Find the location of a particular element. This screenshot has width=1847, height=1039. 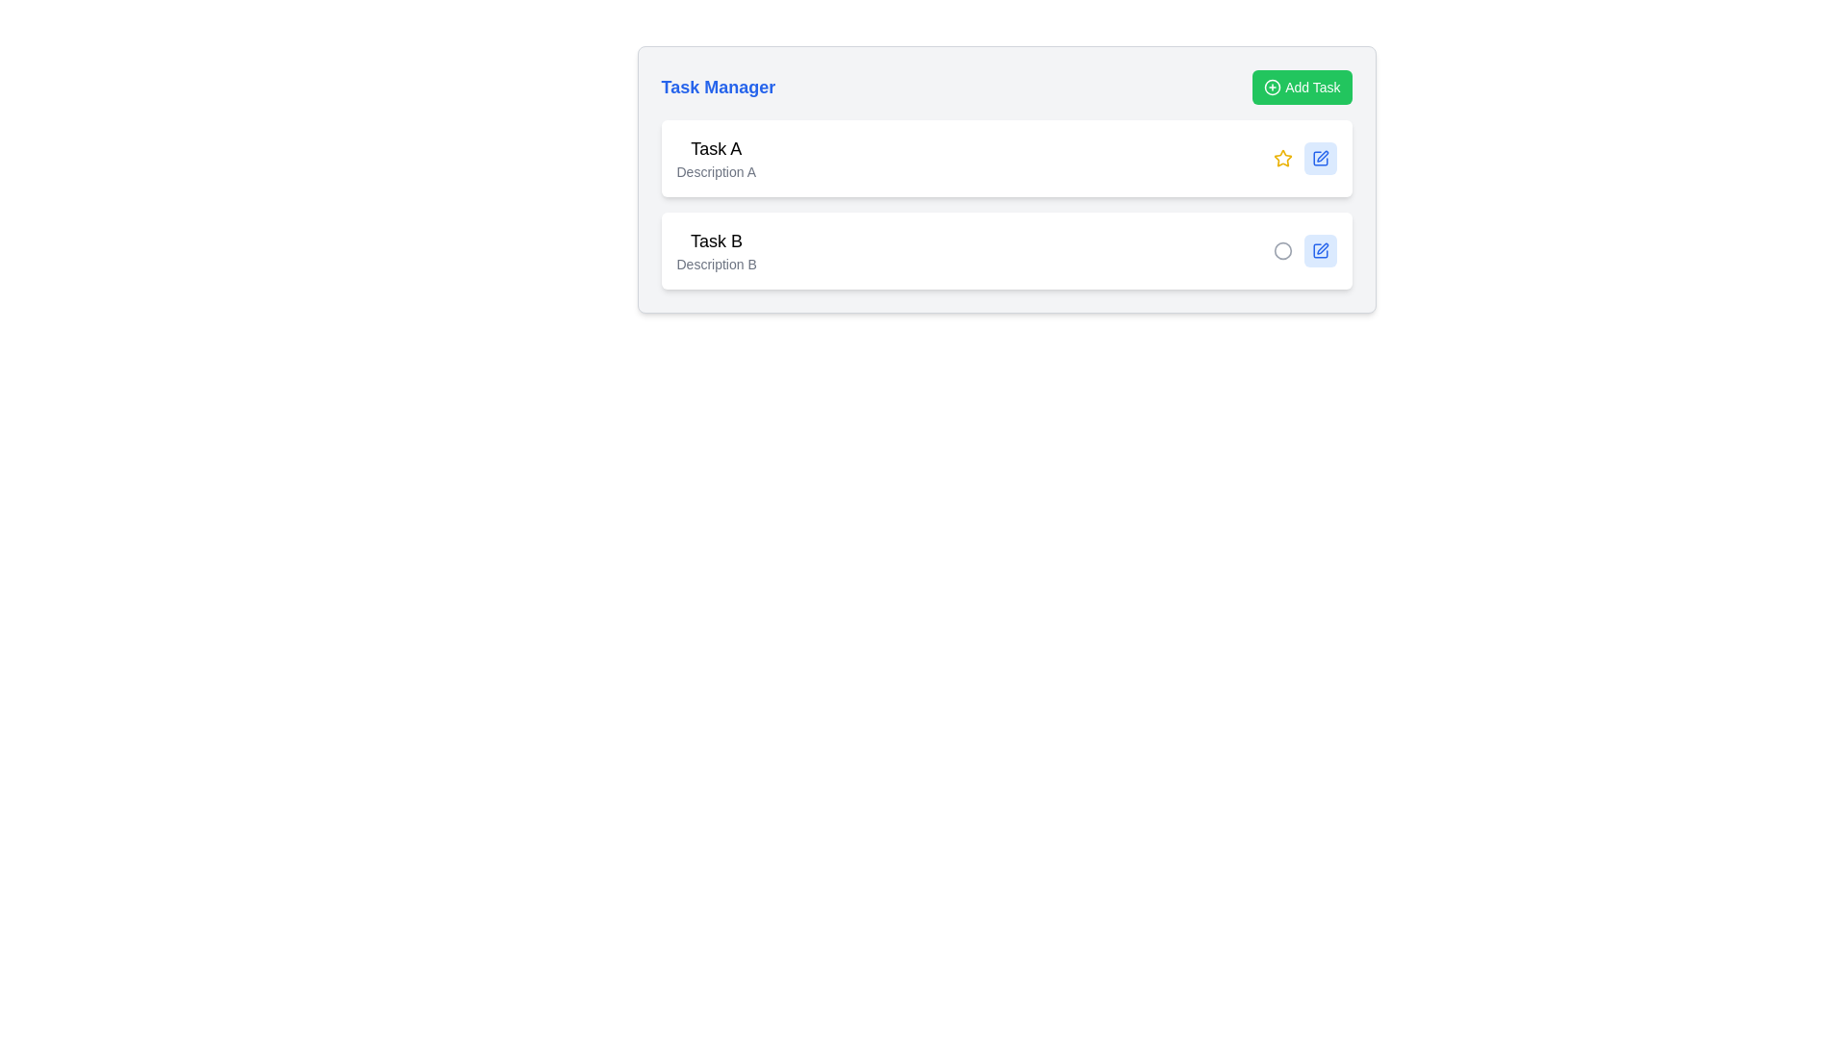

the small pen icon located to the right of the descriptive text for Task A in the list interface is located at coordinates (1321, 155).